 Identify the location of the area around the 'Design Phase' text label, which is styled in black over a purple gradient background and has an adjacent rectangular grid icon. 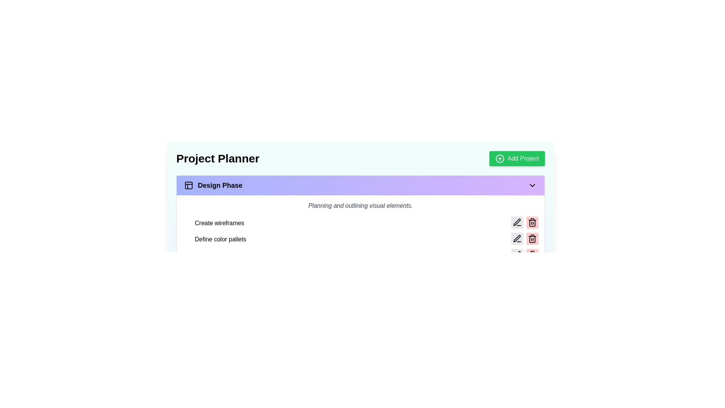
(213, 185).